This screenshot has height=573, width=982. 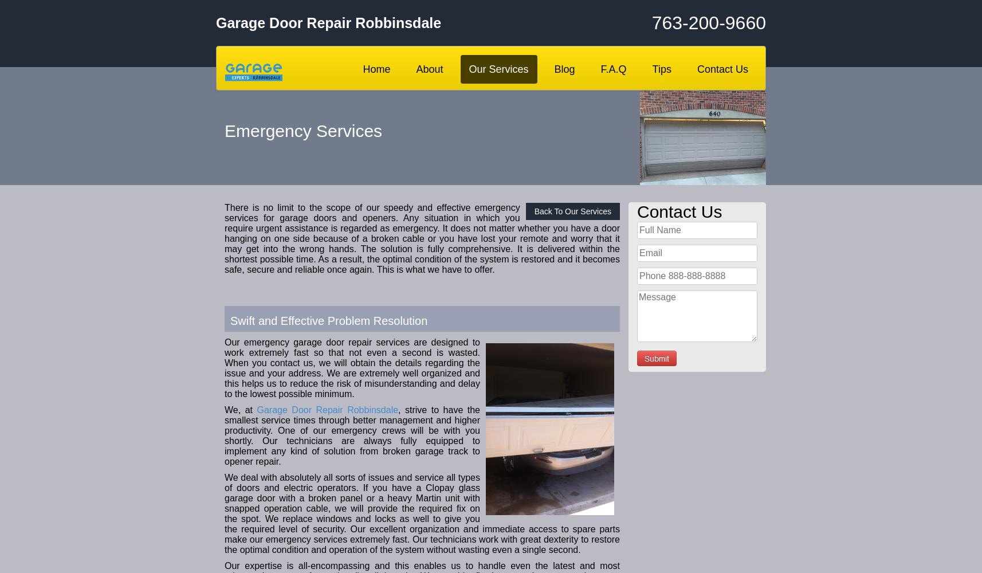 What do you see at coordinates (564, 69) in the screenshot?
I see `'Blog'` at bounding box center [564, 69].